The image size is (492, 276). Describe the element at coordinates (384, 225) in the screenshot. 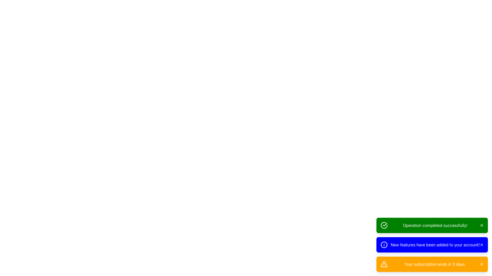

I see `the success indicator icon located at the first position within the green notification bar at the top right of the notifications` at that location.